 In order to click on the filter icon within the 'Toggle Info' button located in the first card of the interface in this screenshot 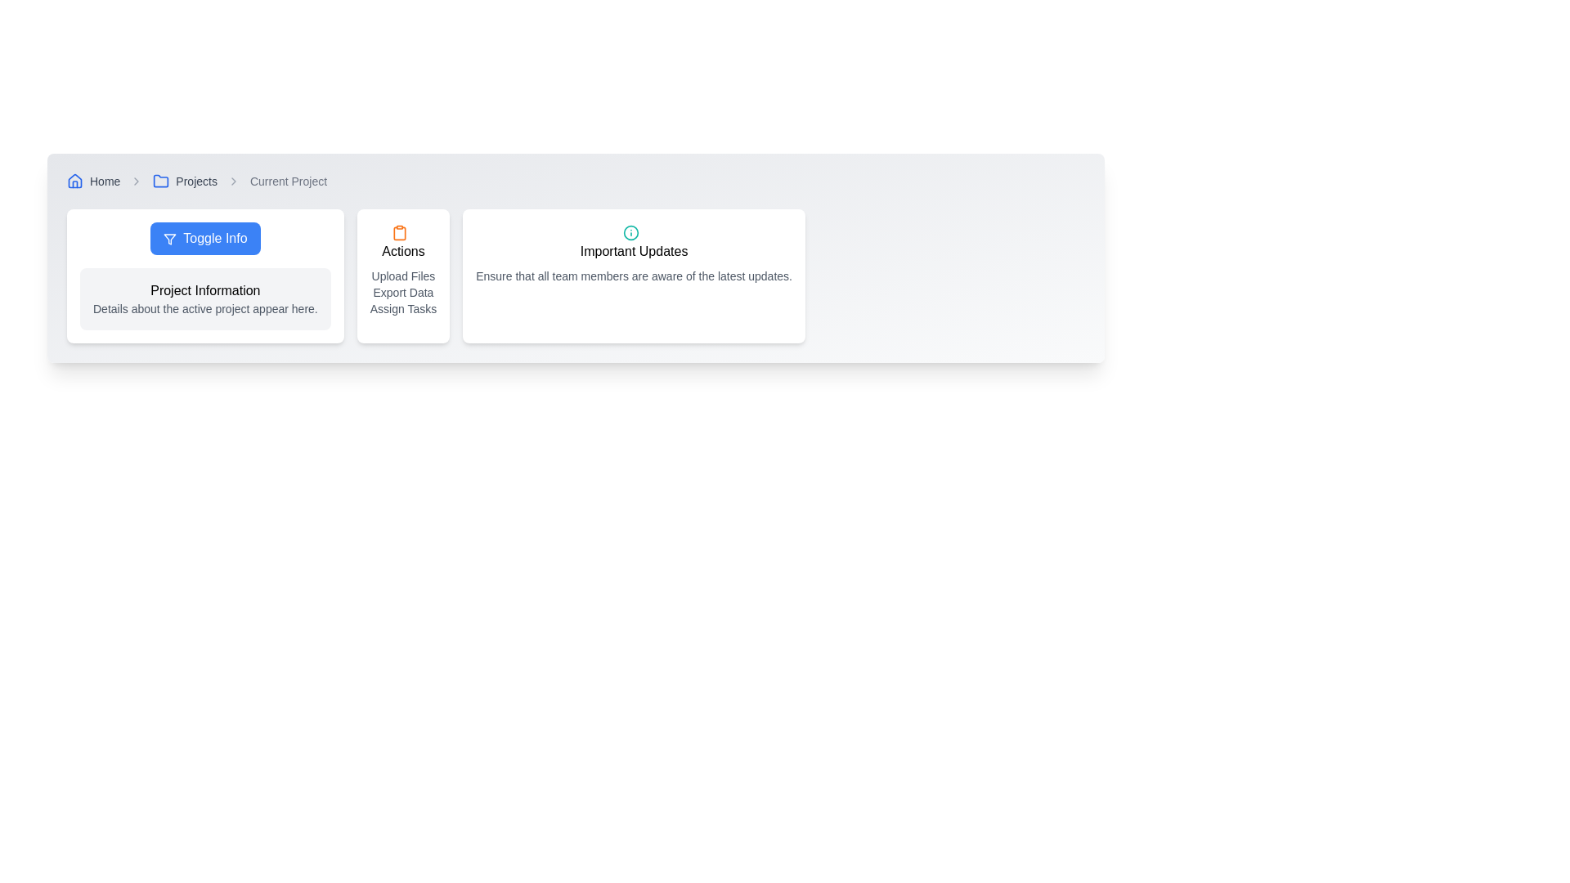, I will do `click(170, 239)`.